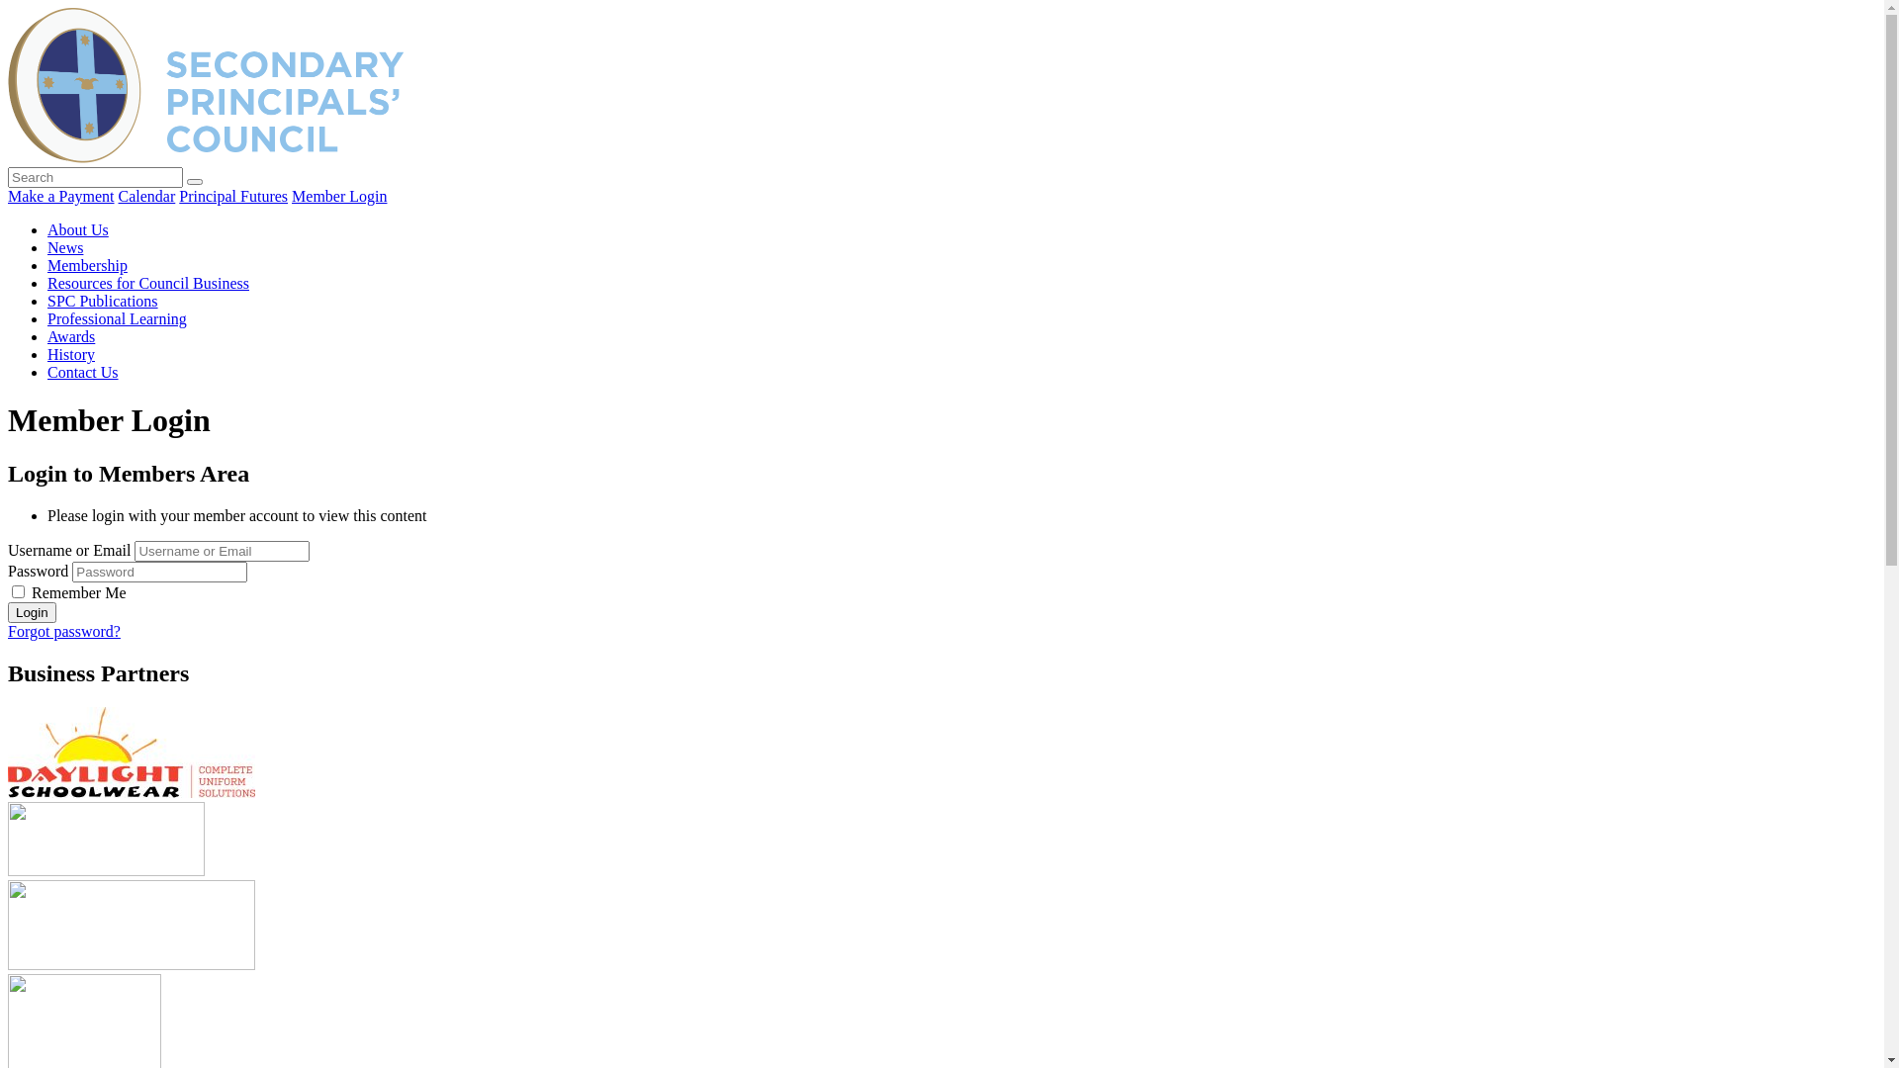  What do you see at coordinates (232, 196) in the screenshot?
I see `'Principal Futures'` at bounding box center [232, 196].